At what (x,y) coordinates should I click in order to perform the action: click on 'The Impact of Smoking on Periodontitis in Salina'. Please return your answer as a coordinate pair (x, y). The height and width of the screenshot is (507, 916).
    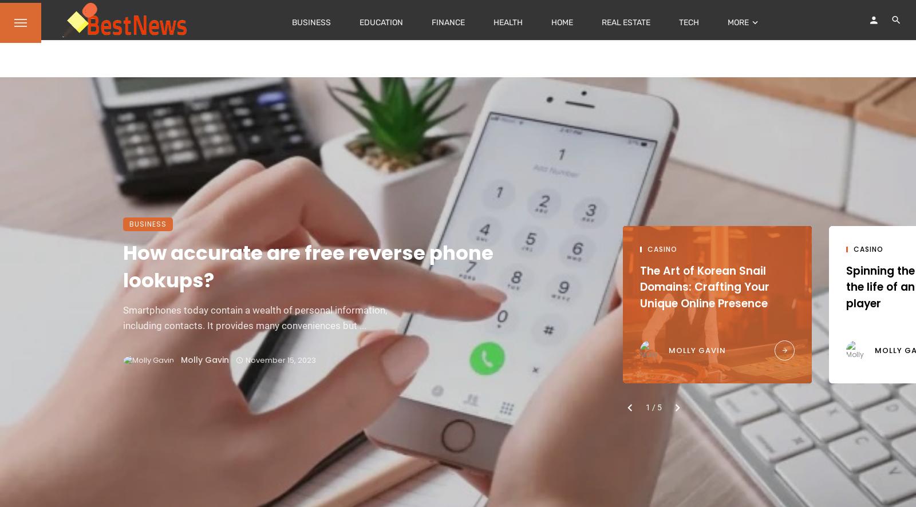
    Looking at the image, I should click on (93, 279).